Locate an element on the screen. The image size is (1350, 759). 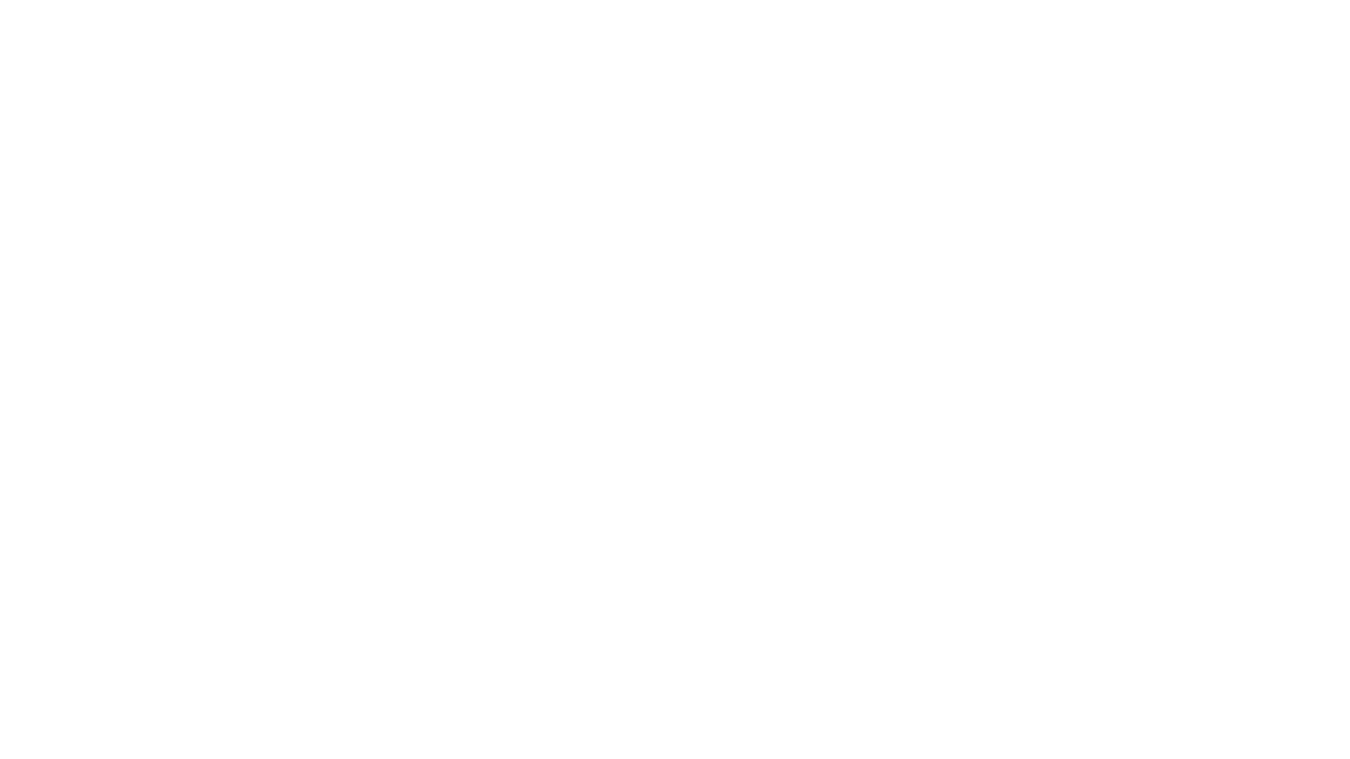
Next is located at coordinates (759, 403).